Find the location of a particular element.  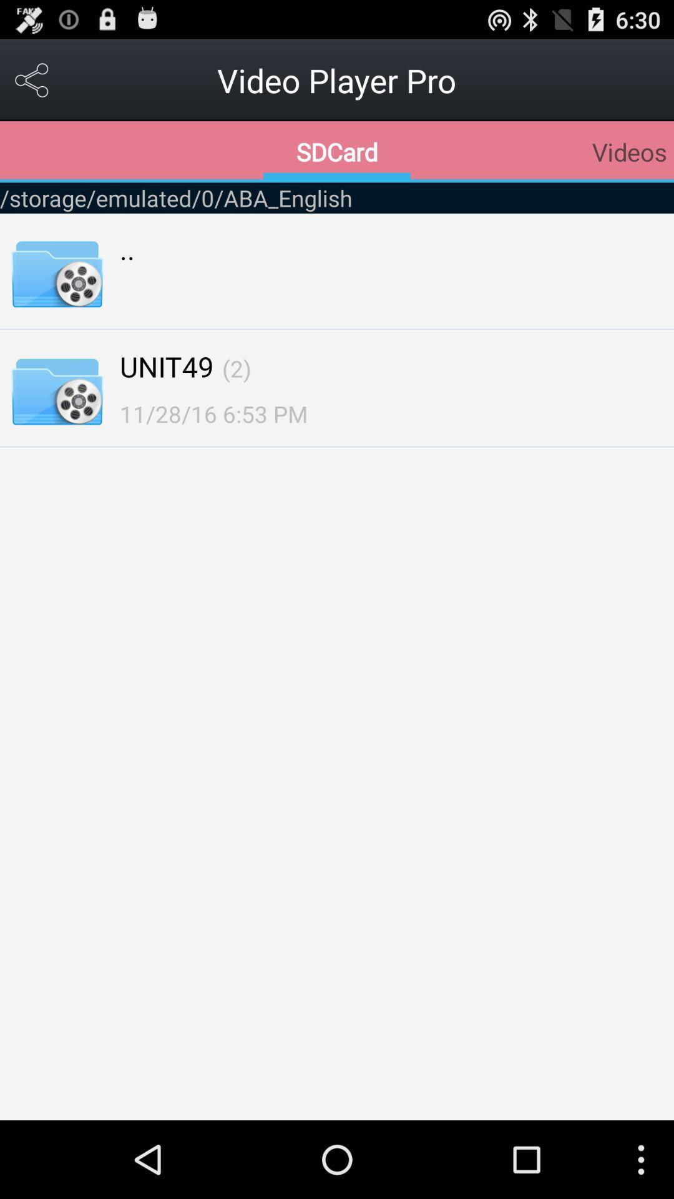

the item below the unit49 app is located at coordinates (213, 413).